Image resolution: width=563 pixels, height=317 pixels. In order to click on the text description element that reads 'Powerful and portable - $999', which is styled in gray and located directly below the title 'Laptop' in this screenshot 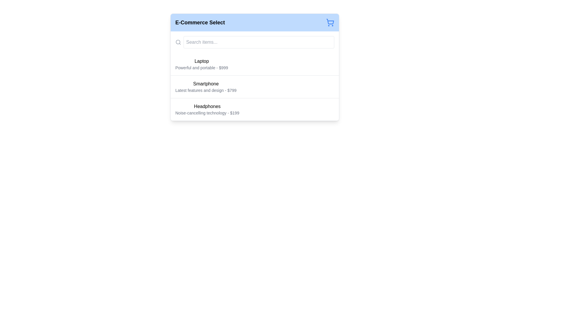, I will do `click(201, 68)`.